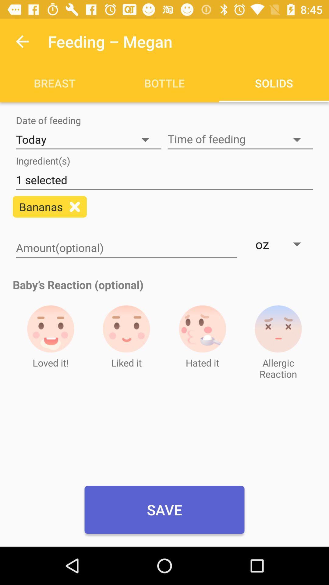 The image size is (329, 585). Describe the element at coordinates (22, 41) in the screenshot. I see `item above breast icon` at that location.